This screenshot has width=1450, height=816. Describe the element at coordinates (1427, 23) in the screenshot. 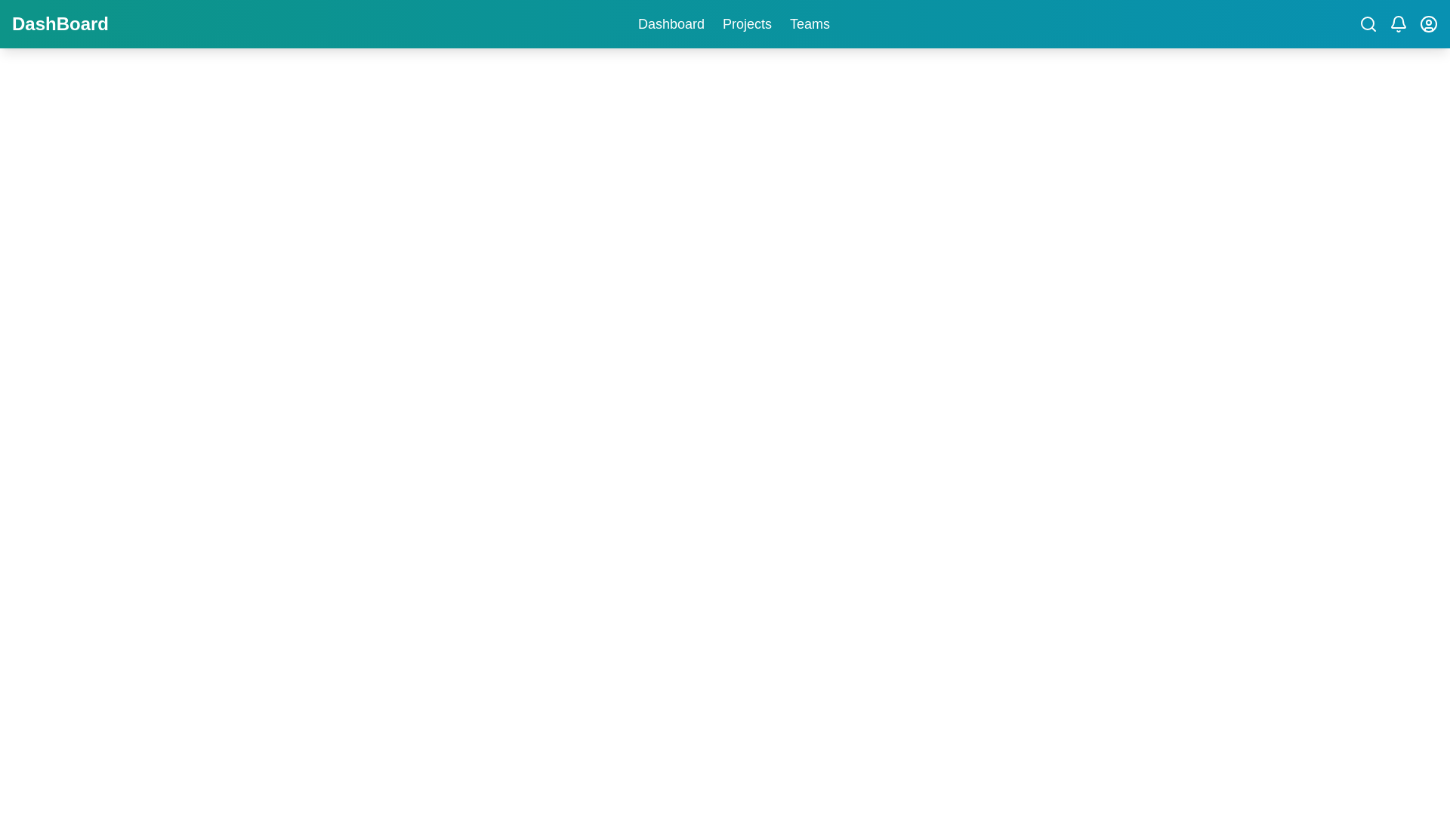

I see `the circular user profile icon button located in the top right corner of the interface` at that location.